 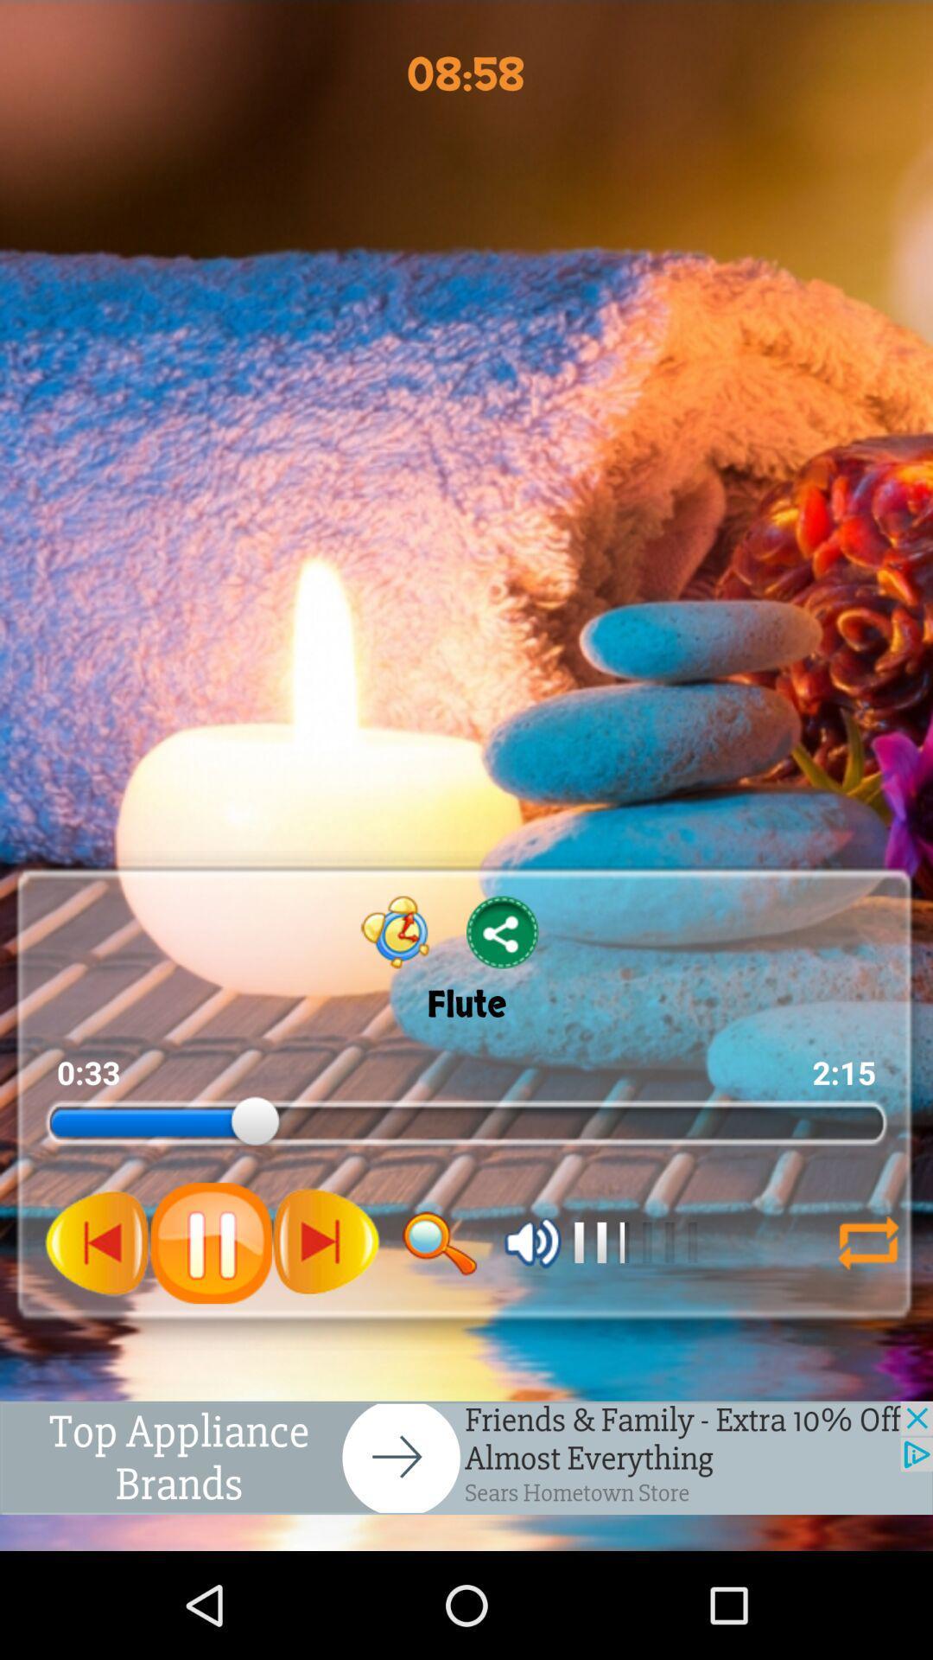 What do you see at coordinates (860, 1242) in the screenshot?
I see `shuffle` at bounding box center [860, 1242].